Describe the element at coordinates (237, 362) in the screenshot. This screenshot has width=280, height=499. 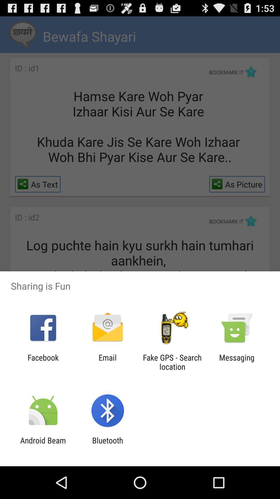
I see `the icon next to the fake gps search app` at that location.